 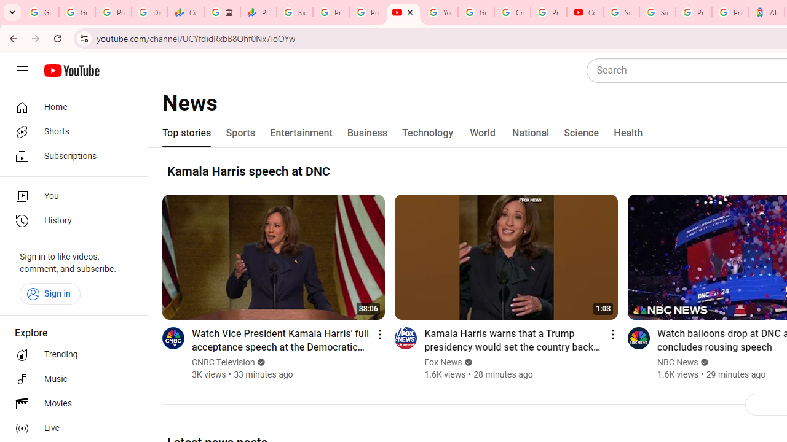 What do you see at coordinates (69, 221) in the screenshot?
I see `'History'` at bounding box center [69, 221].